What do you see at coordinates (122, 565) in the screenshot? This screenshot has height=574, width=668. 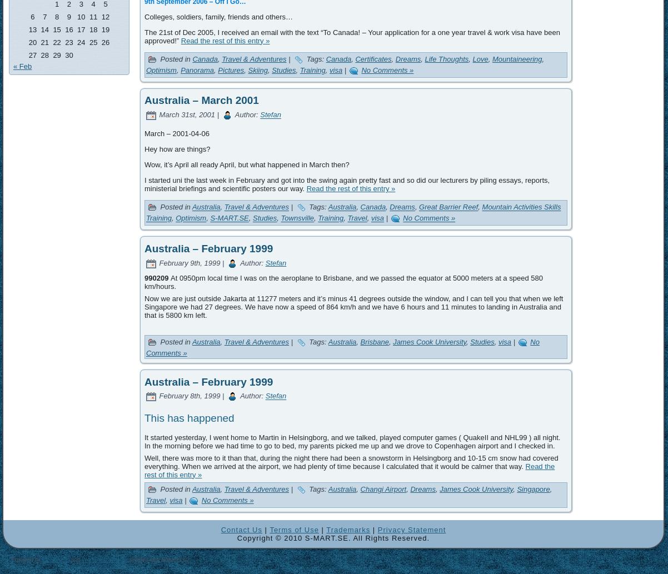 I see `'.'` at bounding box center [122, 565].